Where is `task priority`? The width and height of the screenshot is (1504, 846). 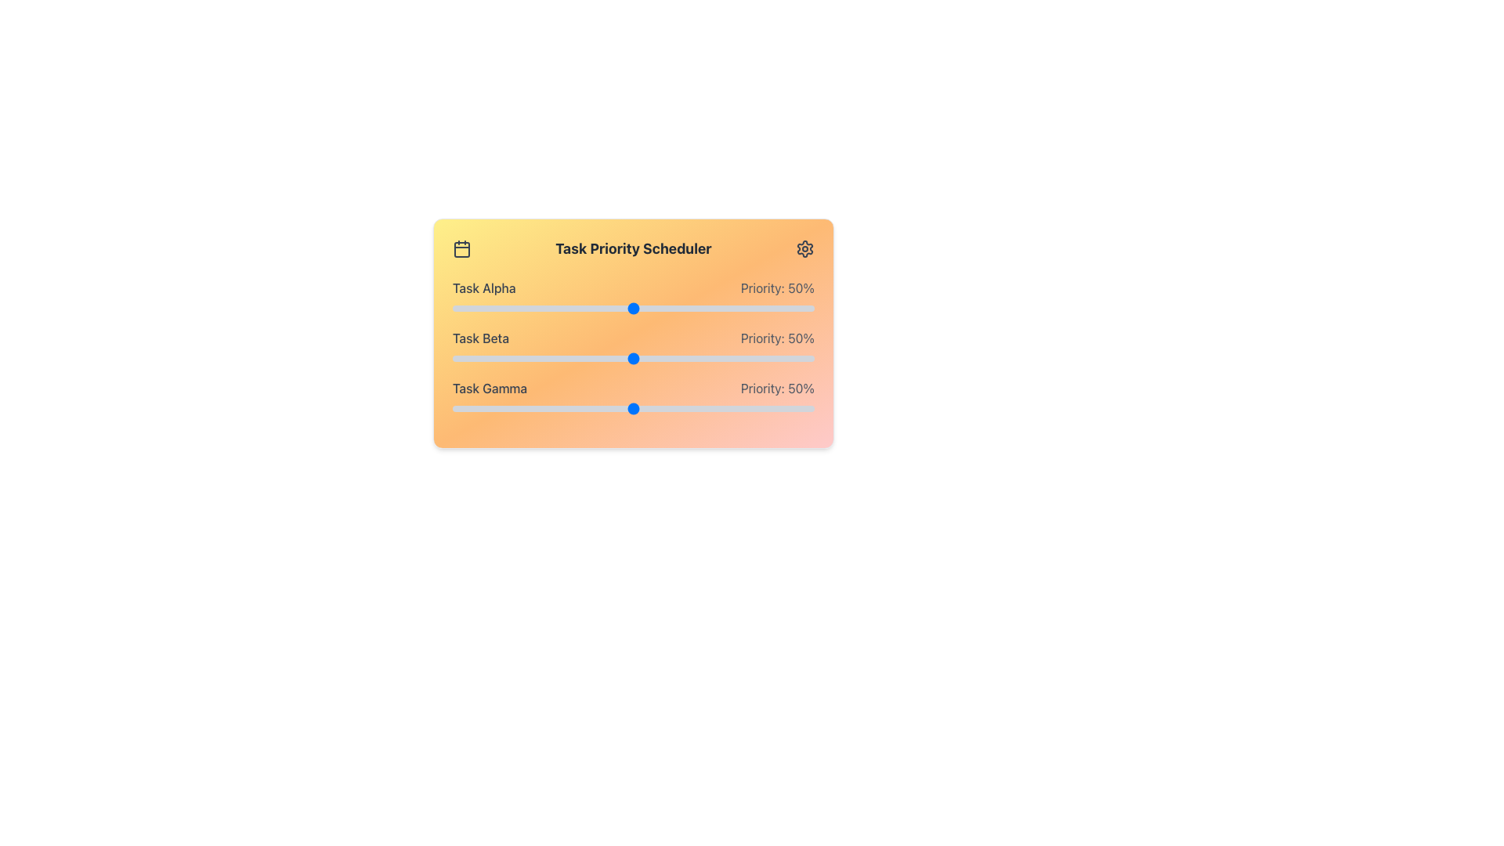 task priority is located at coordinates (554, 308).